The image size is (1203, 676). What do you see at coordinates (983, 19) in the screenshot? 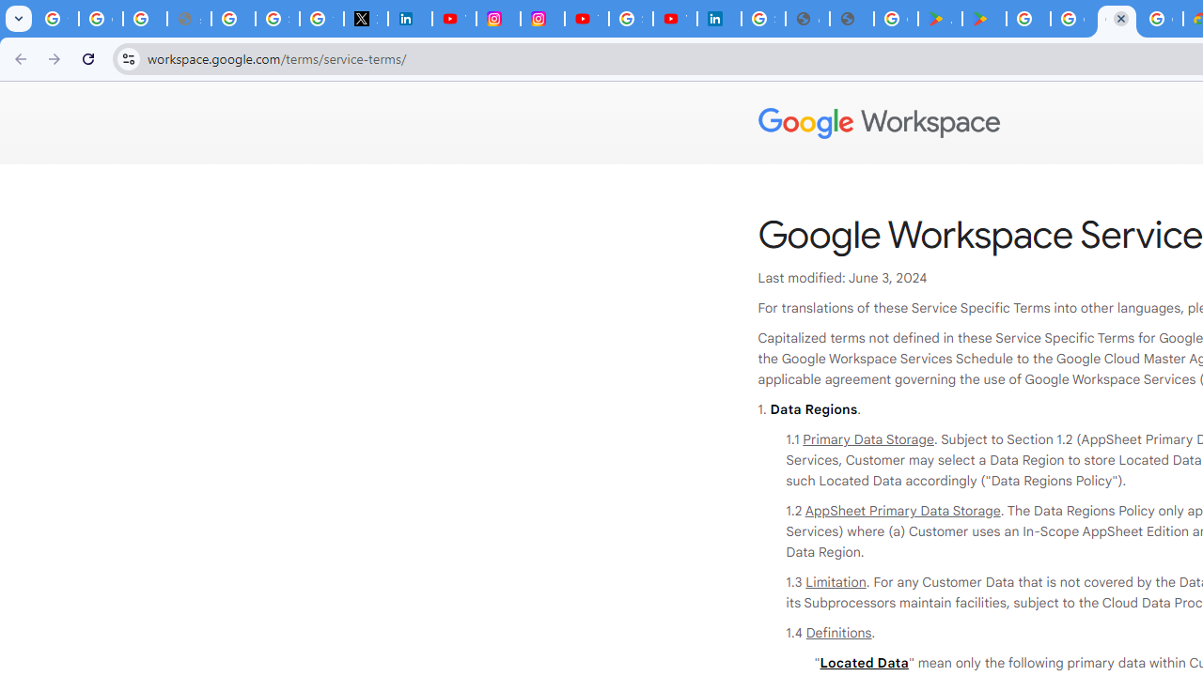
I see `'PAW Patrol Rescue World - Apps on Google Play'` at bounding box center [983, 19].